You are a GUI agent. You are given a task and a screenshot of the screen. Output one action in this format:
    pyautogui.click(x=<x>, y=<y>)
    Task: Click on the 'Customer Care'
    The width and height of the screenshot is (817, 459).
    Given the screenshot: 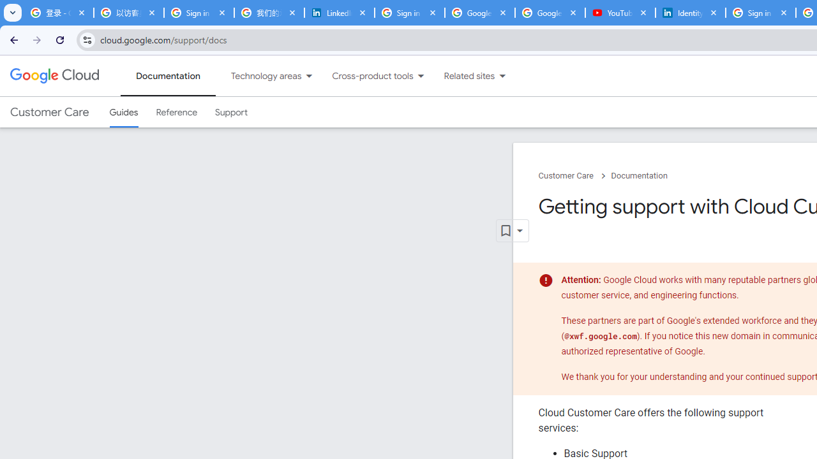 What is the action you would take?
    pyautogui.click(x=49, y=112)
    